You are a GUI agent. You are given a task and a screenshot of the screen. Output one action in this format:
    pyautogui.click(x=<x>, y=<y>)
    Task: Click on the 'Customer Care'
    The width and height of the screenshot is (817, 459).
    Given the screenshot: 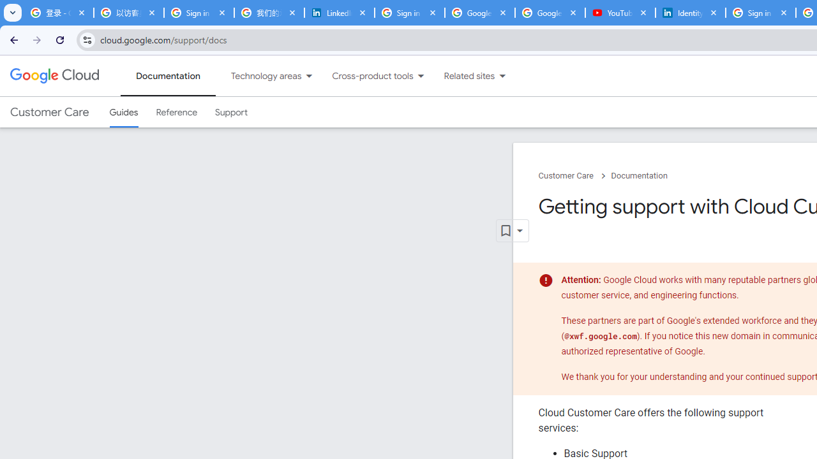 What is the action you would take?
    pyautogui.click(x=49, y=112)
    